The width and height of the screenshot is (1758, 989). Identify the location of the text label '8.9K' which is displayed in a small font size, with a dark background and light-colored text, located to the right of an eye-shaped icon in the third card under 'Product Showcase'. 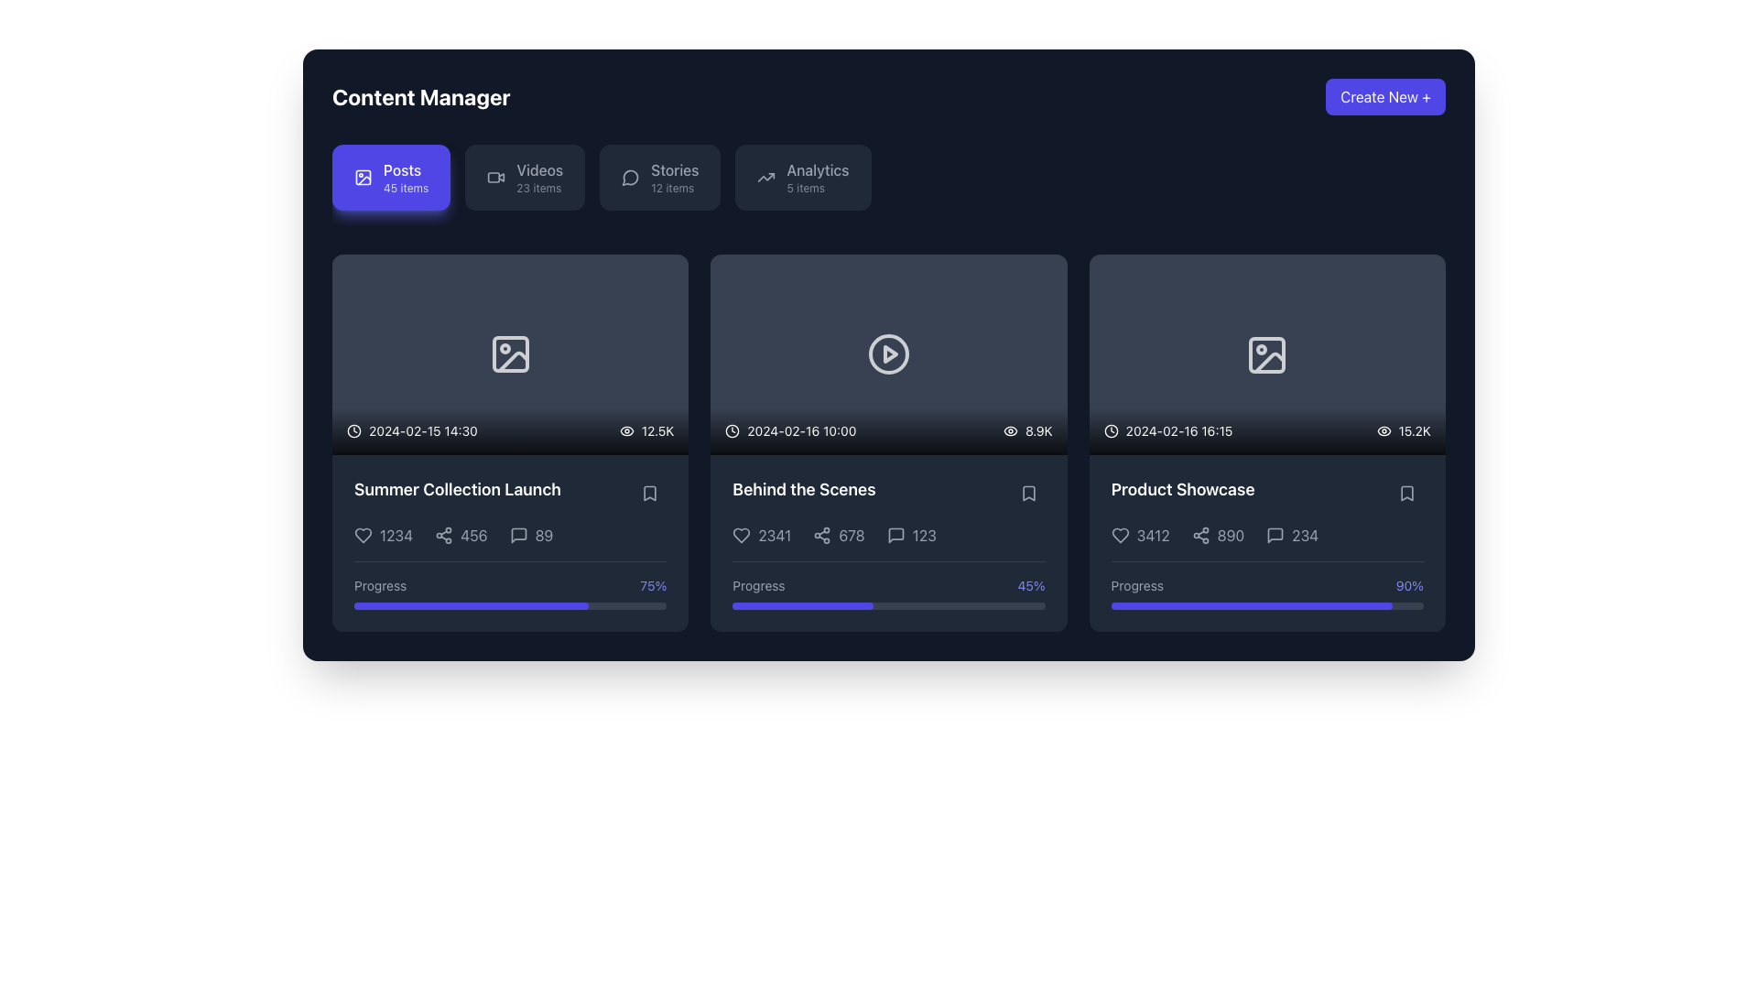
(1038, 430).